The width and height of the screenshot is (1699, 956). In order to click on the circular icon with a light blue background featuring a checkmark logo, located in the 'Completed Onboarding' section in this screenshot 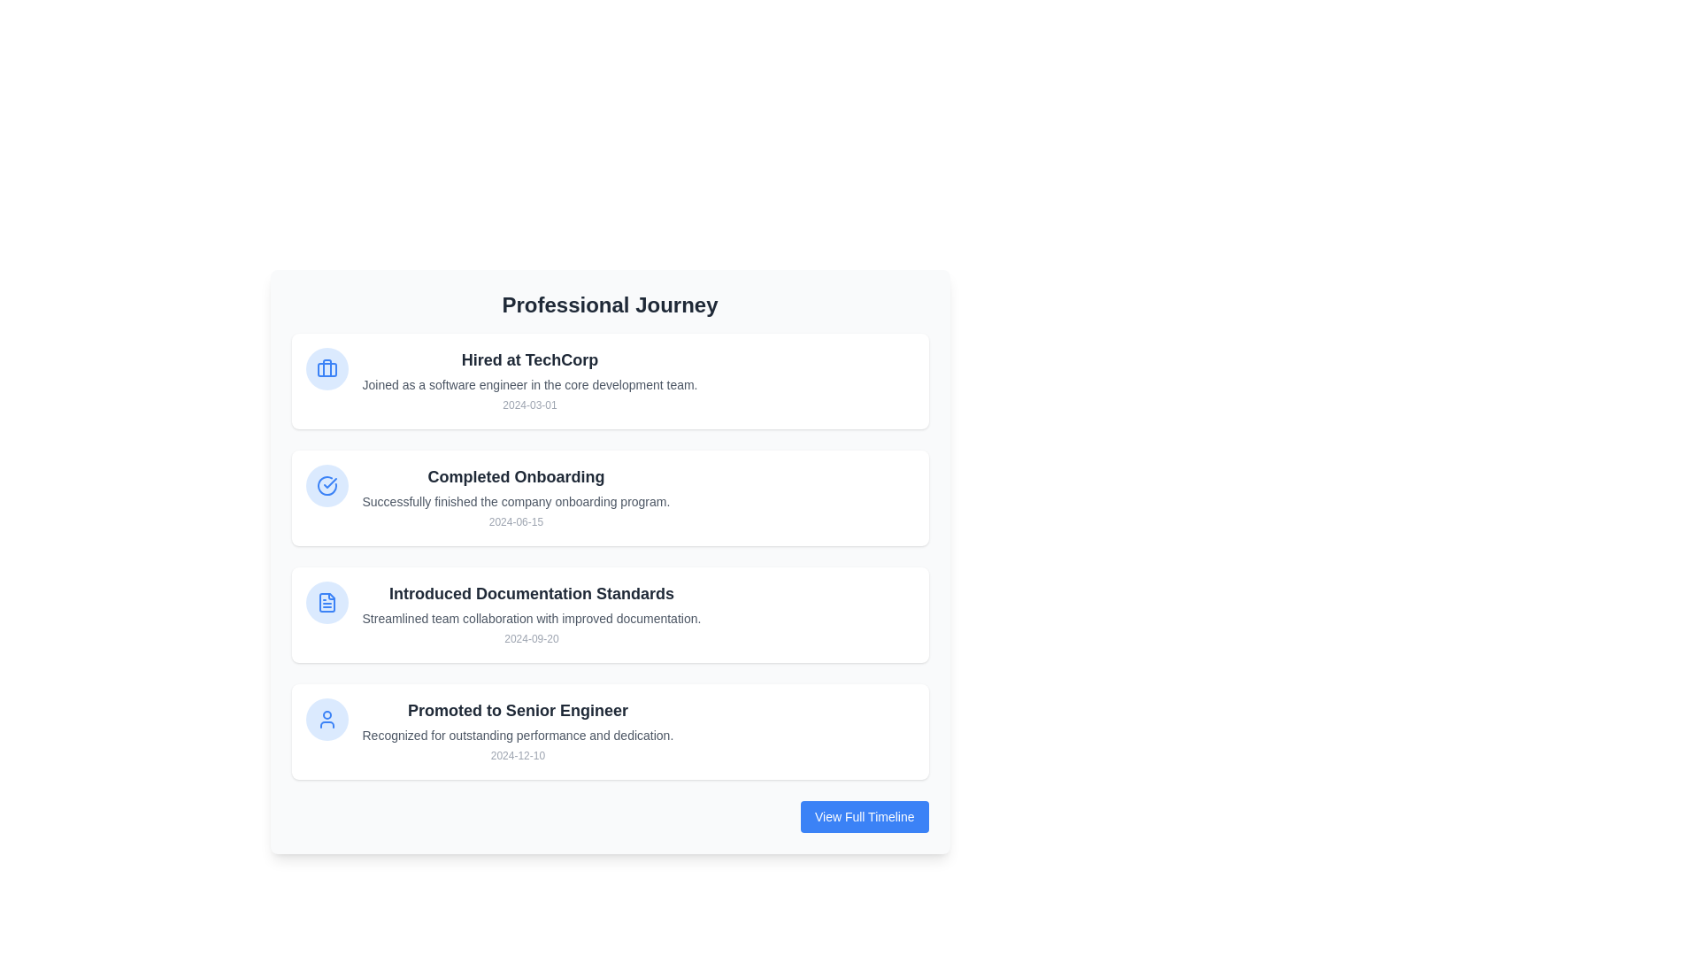, I will do `click(327, 485)`.